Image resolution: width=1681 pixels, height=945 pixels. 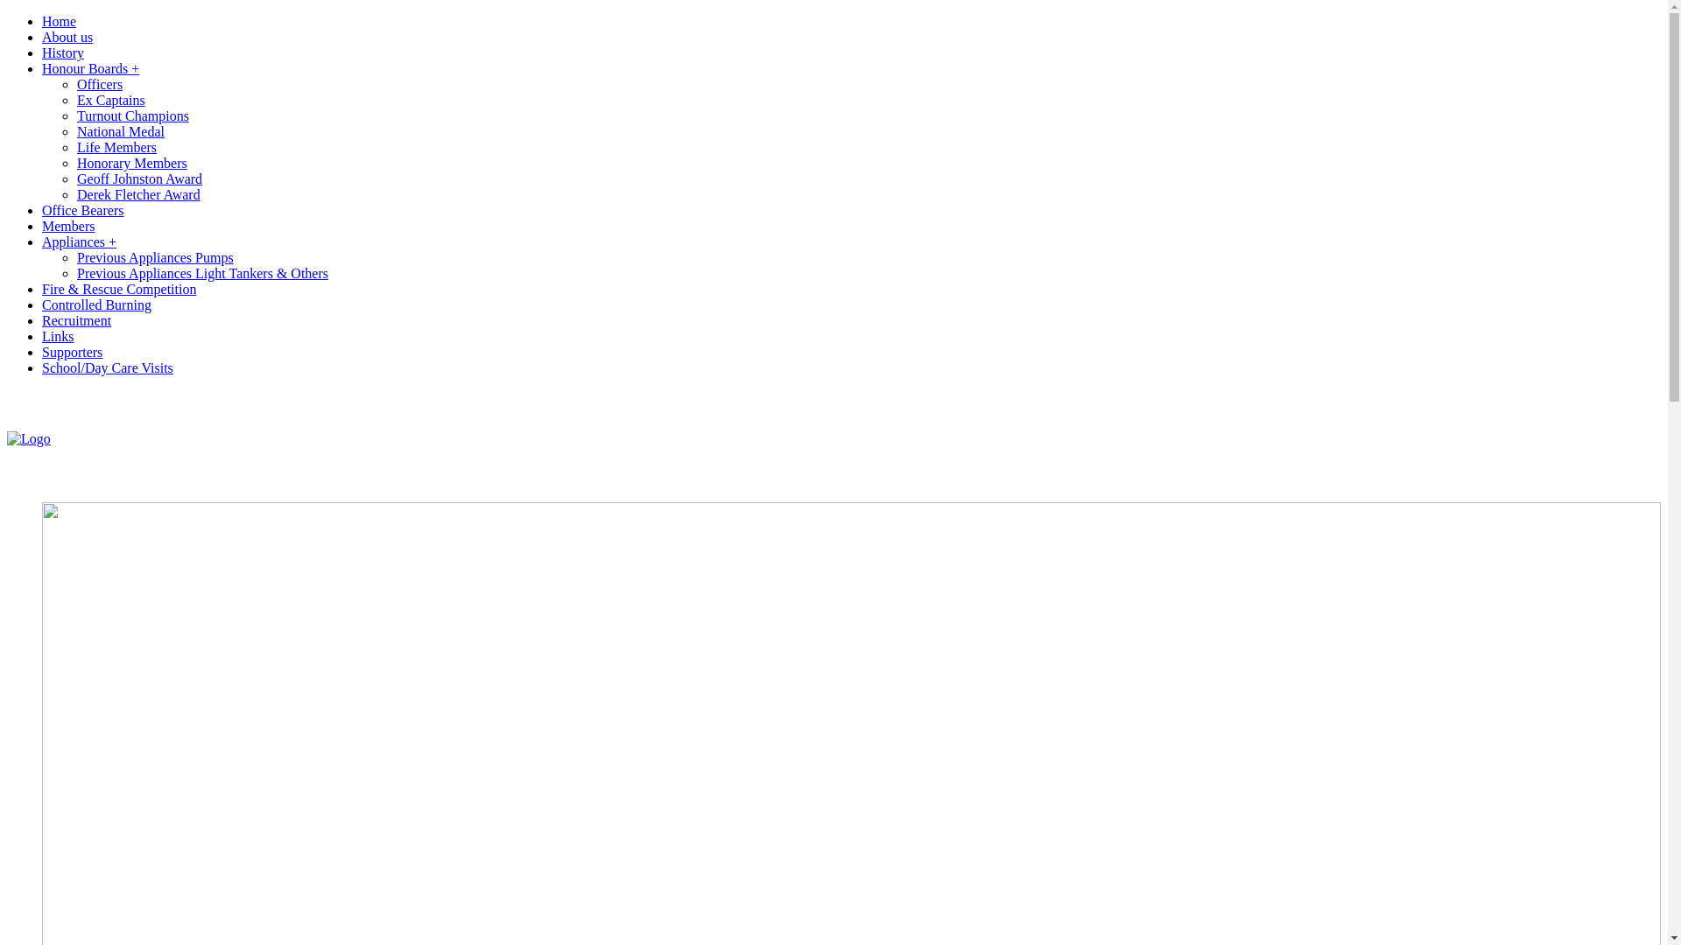 What do you see at coordinates (42, 241) in the screenshot?
I see `'Appliances +'` at bounding box center [42, 241].